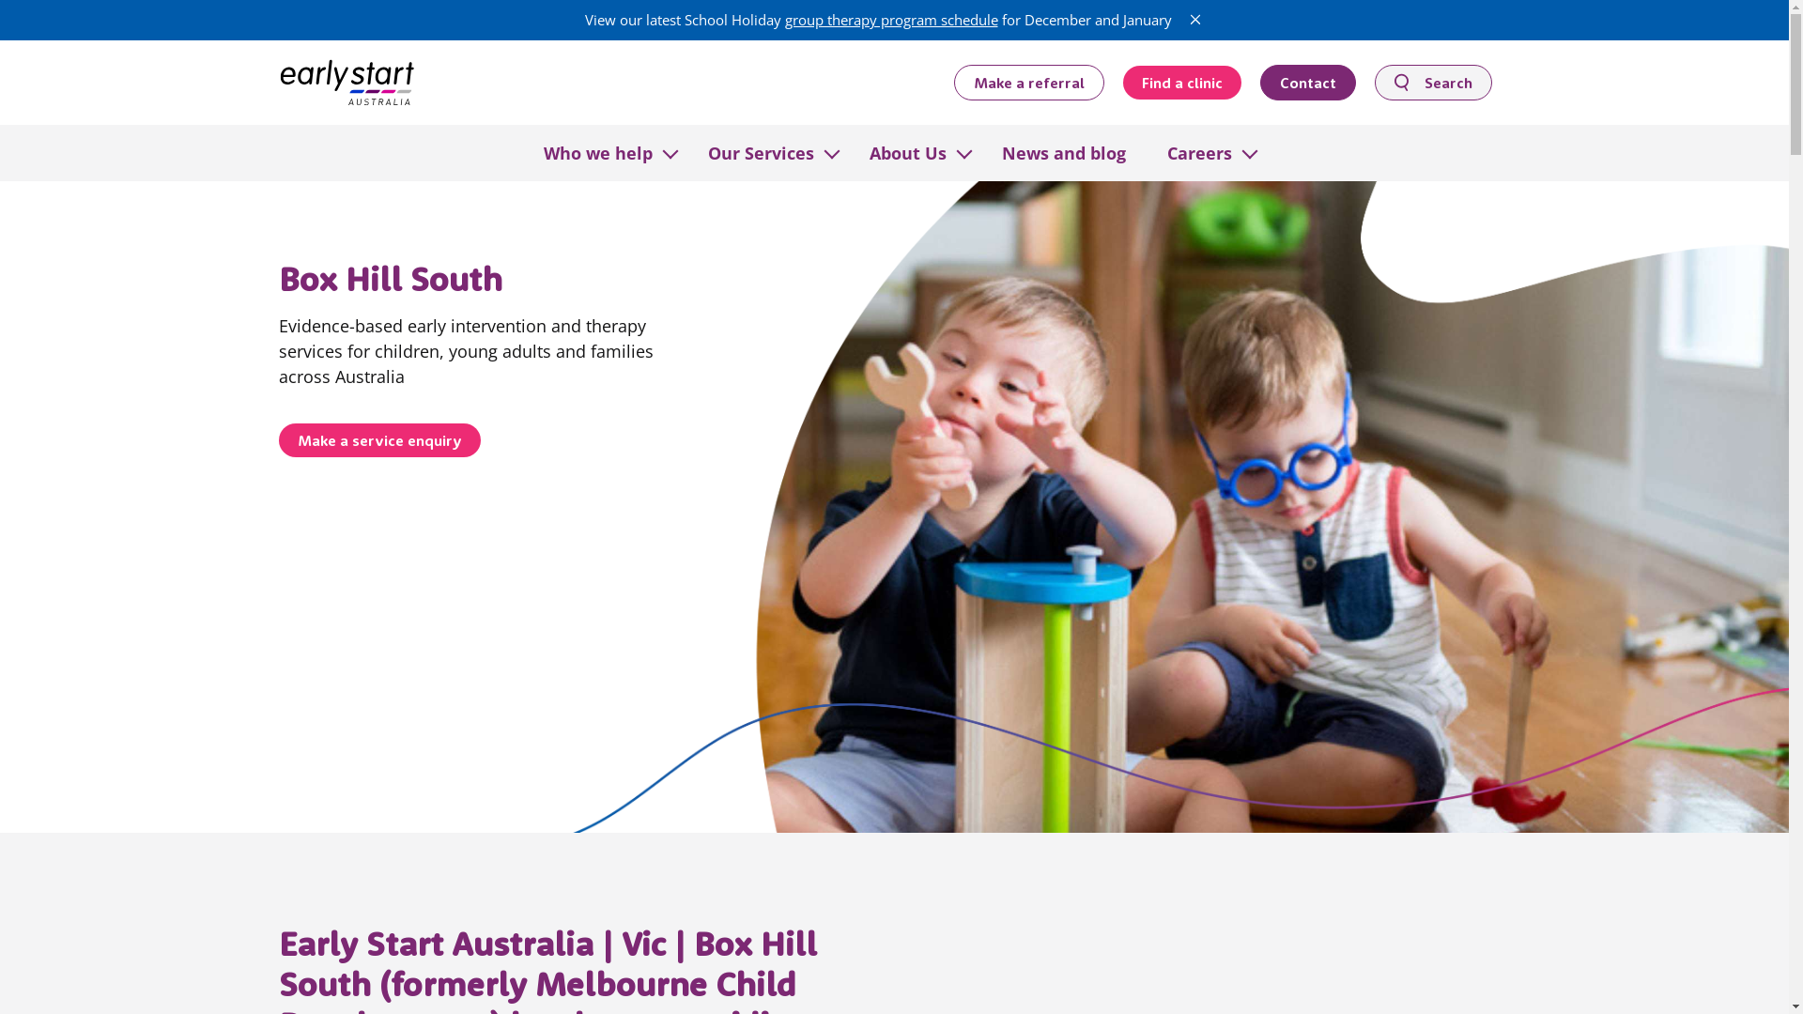  Describe the element at coordinates (1306, 81) in the screenshot. I see `'Contact'` at that location.